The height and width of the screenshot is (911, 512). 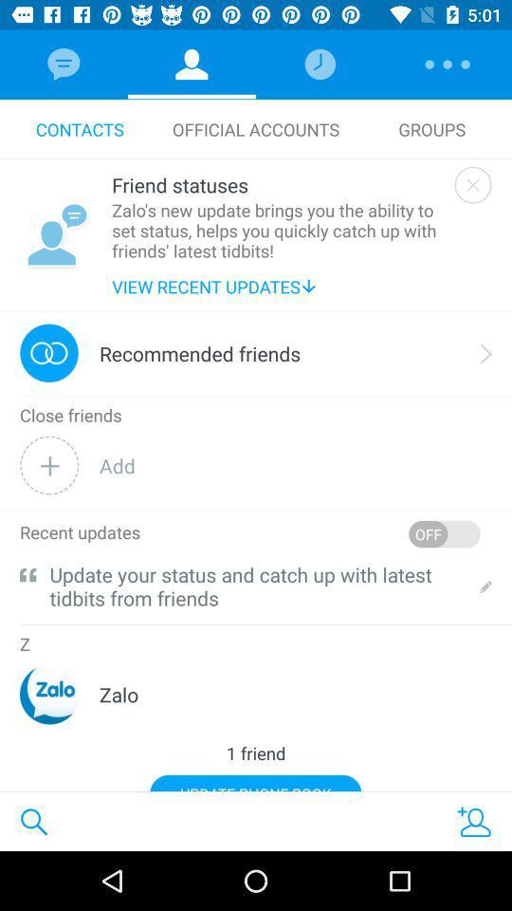 What do you see at coordinates (199, 352) in the screenshot?
I see `the recommended friends` at bounding box center [199, 352].